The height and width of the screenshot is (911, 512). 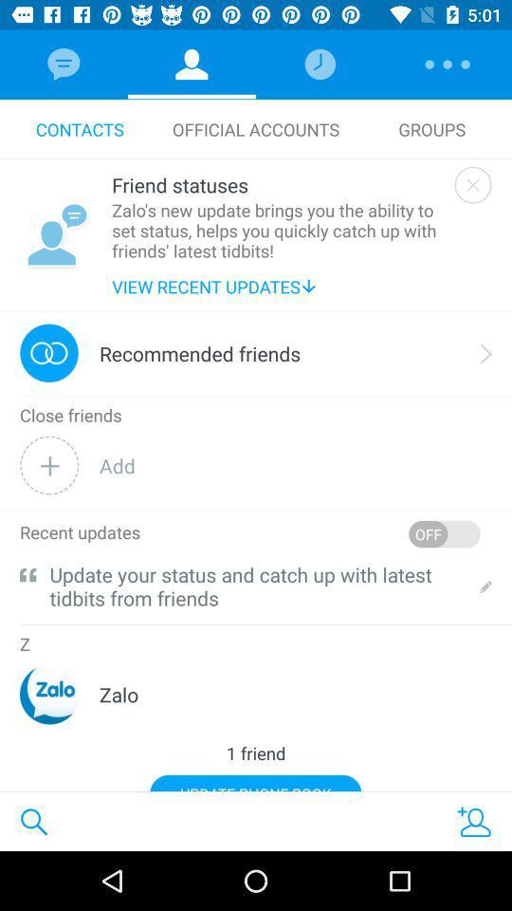 What do you see at coordinates (199, 352) in the screenshot?
I see `the recommended friends` at bounding box center [199, 352].